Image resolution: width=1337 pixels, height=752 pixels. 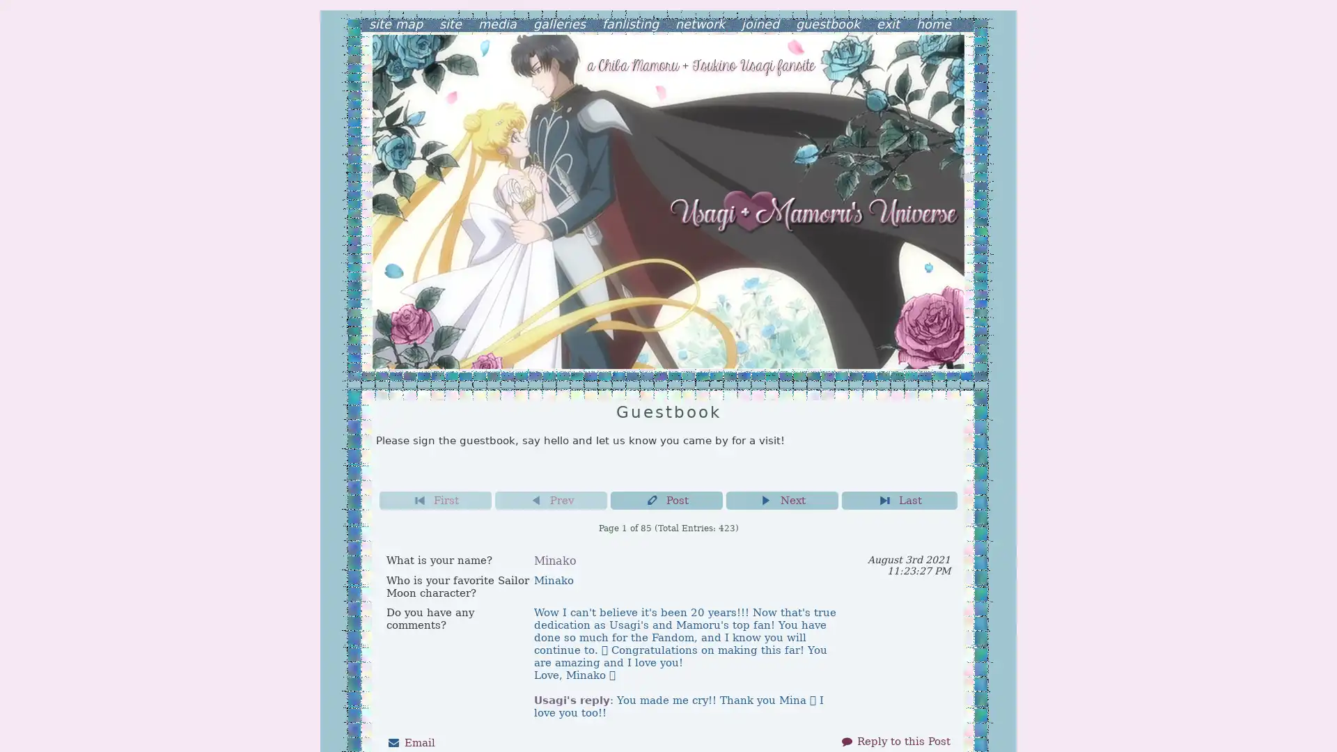 I want to click on Reply to this Post, so click(x=895, y=740).